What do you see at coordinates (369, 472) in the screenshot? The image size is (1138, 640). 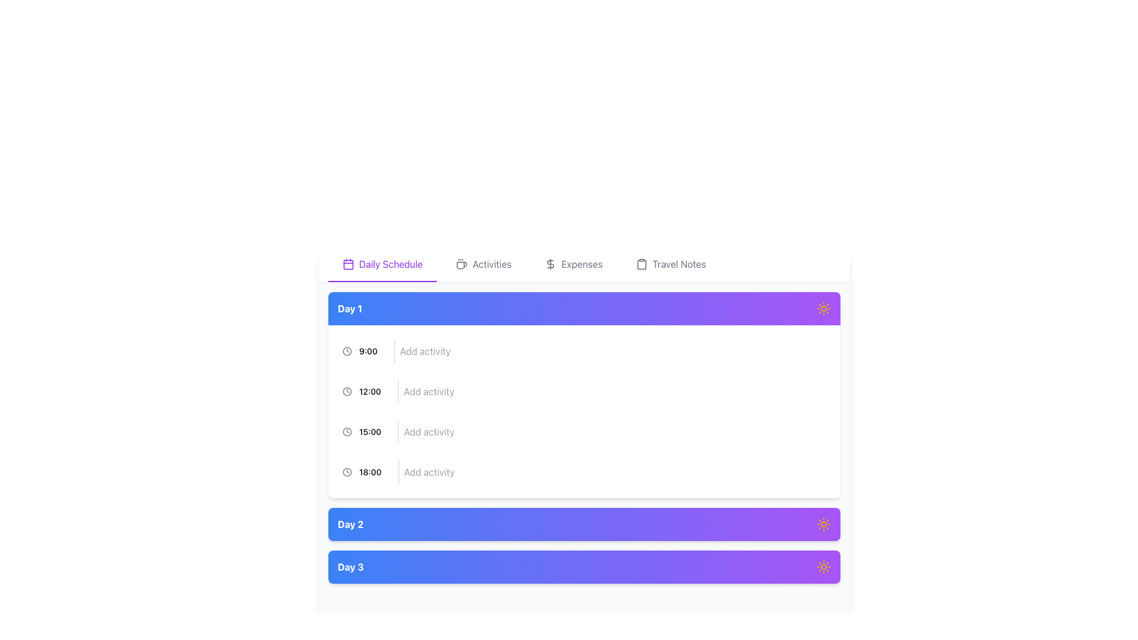 I see `the Text Label displaying the time '18:00', which is located to the right of the clock icon in the fourth list item under the 'Day 1' schedule` at bounding box center [369, 472].